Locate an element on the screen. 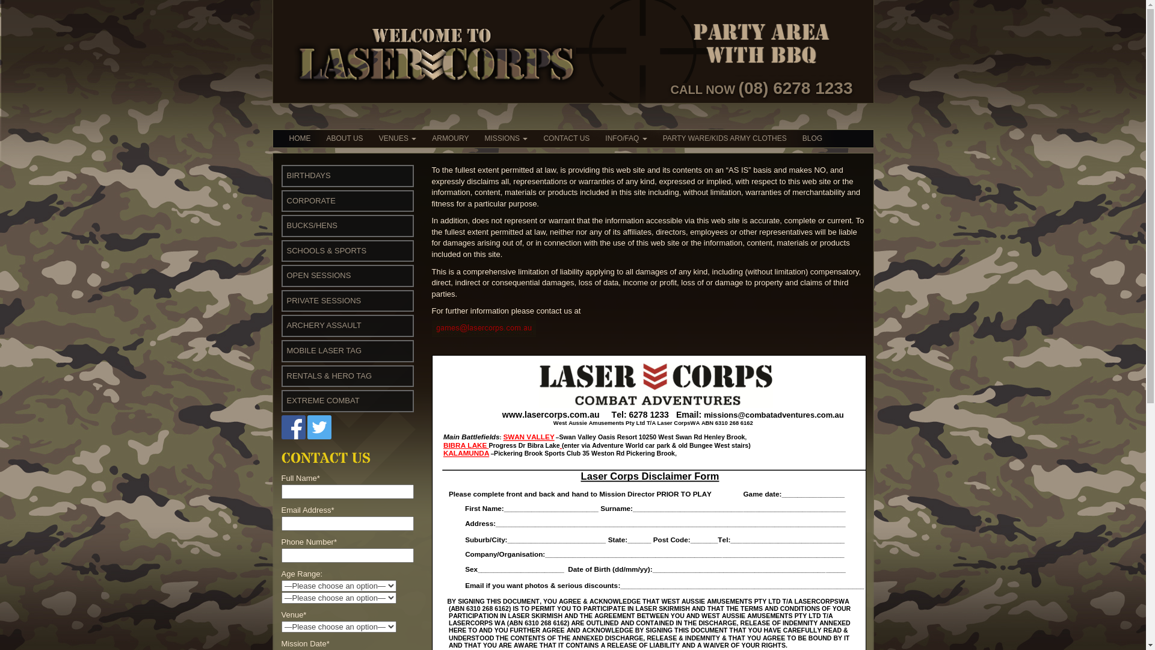  'ARMOURY' is located at coordinates (449, 138).